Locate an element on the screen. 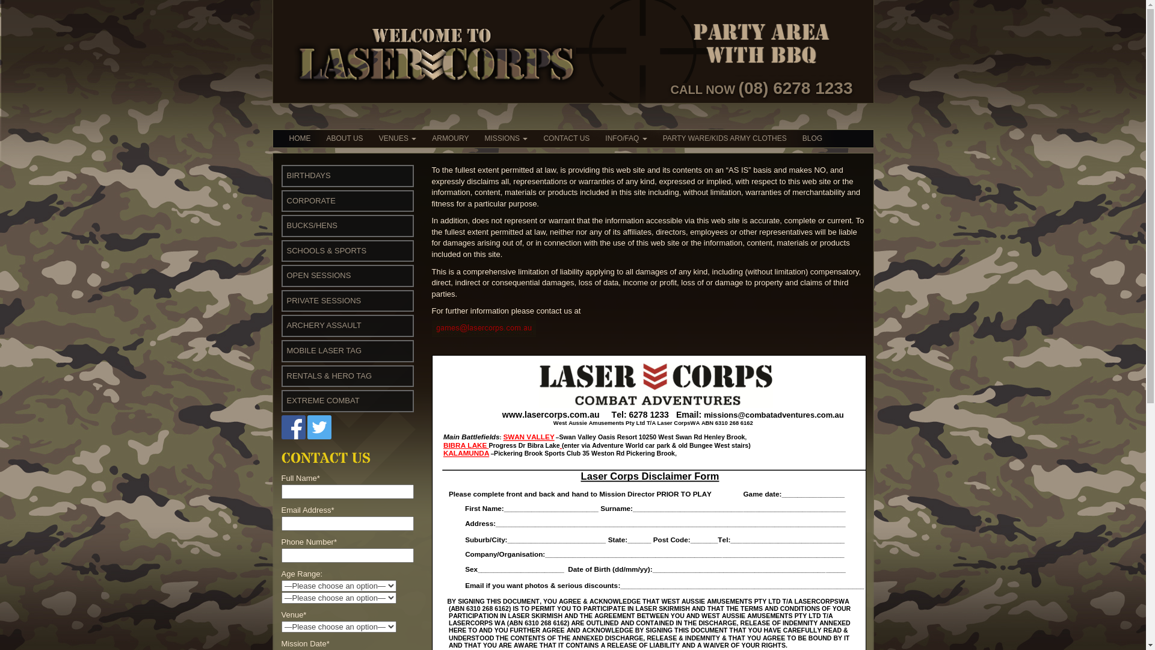  'ARMOURY' is located at coordinates (449, 138).